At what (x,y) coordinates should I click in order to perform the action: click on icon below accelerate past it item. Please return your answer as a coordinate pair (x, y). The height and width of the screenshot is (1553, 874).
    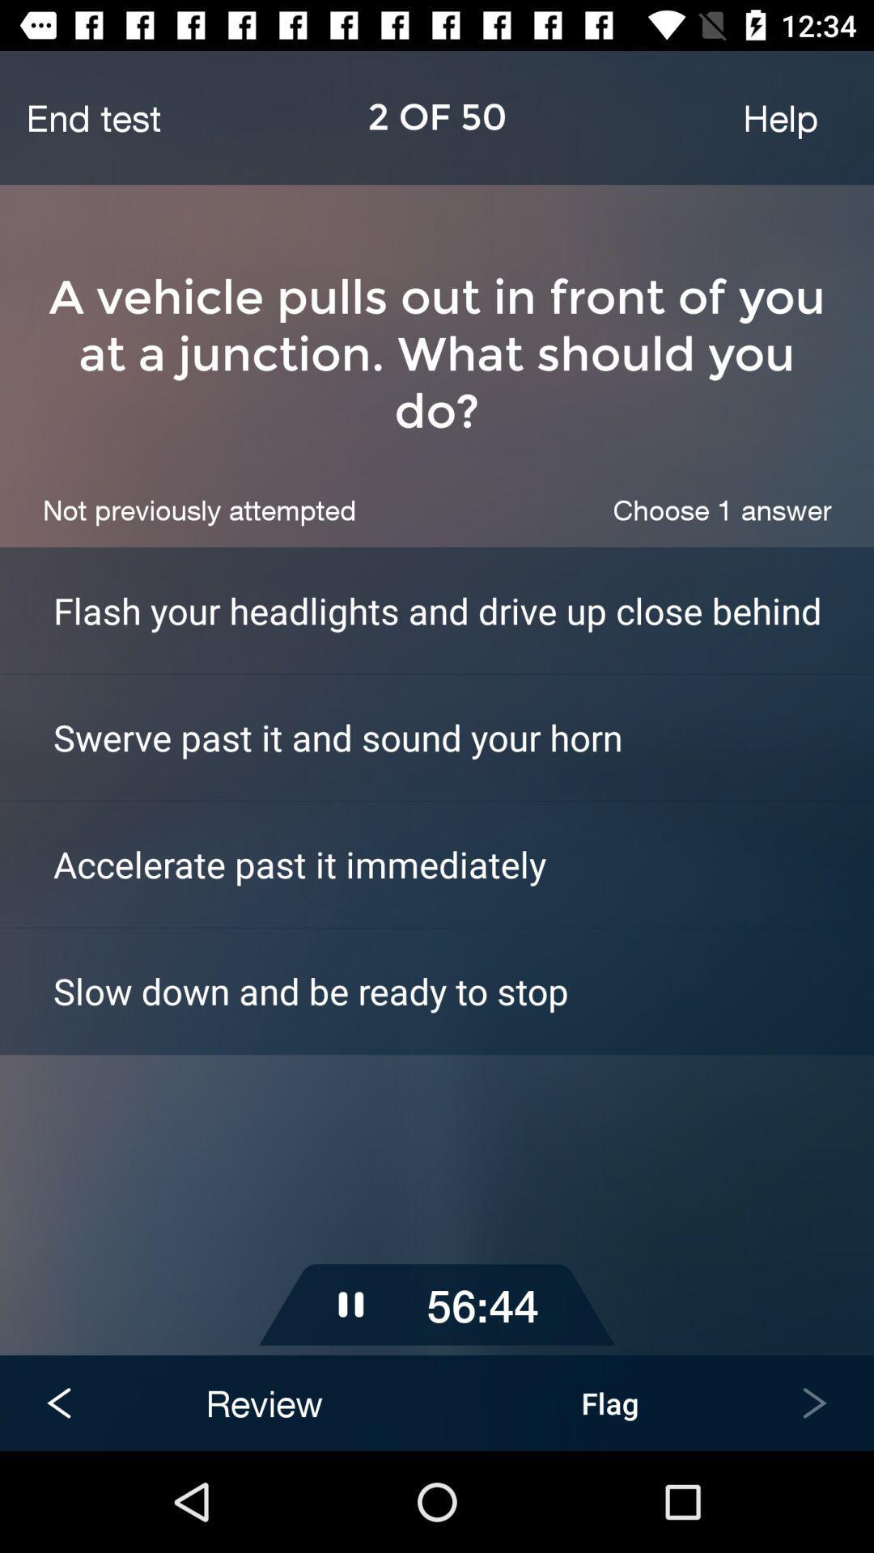
    Looking at the image, I should click on (464, 990).